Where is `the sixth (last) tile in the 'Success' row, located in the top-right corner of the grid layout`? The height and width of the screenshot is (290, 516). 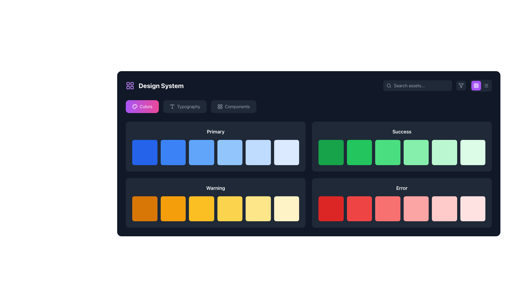 the sixth (last) tile in the 'Success' row, located in the top-right corner of the grid layout is located at coordinates (472, 152).